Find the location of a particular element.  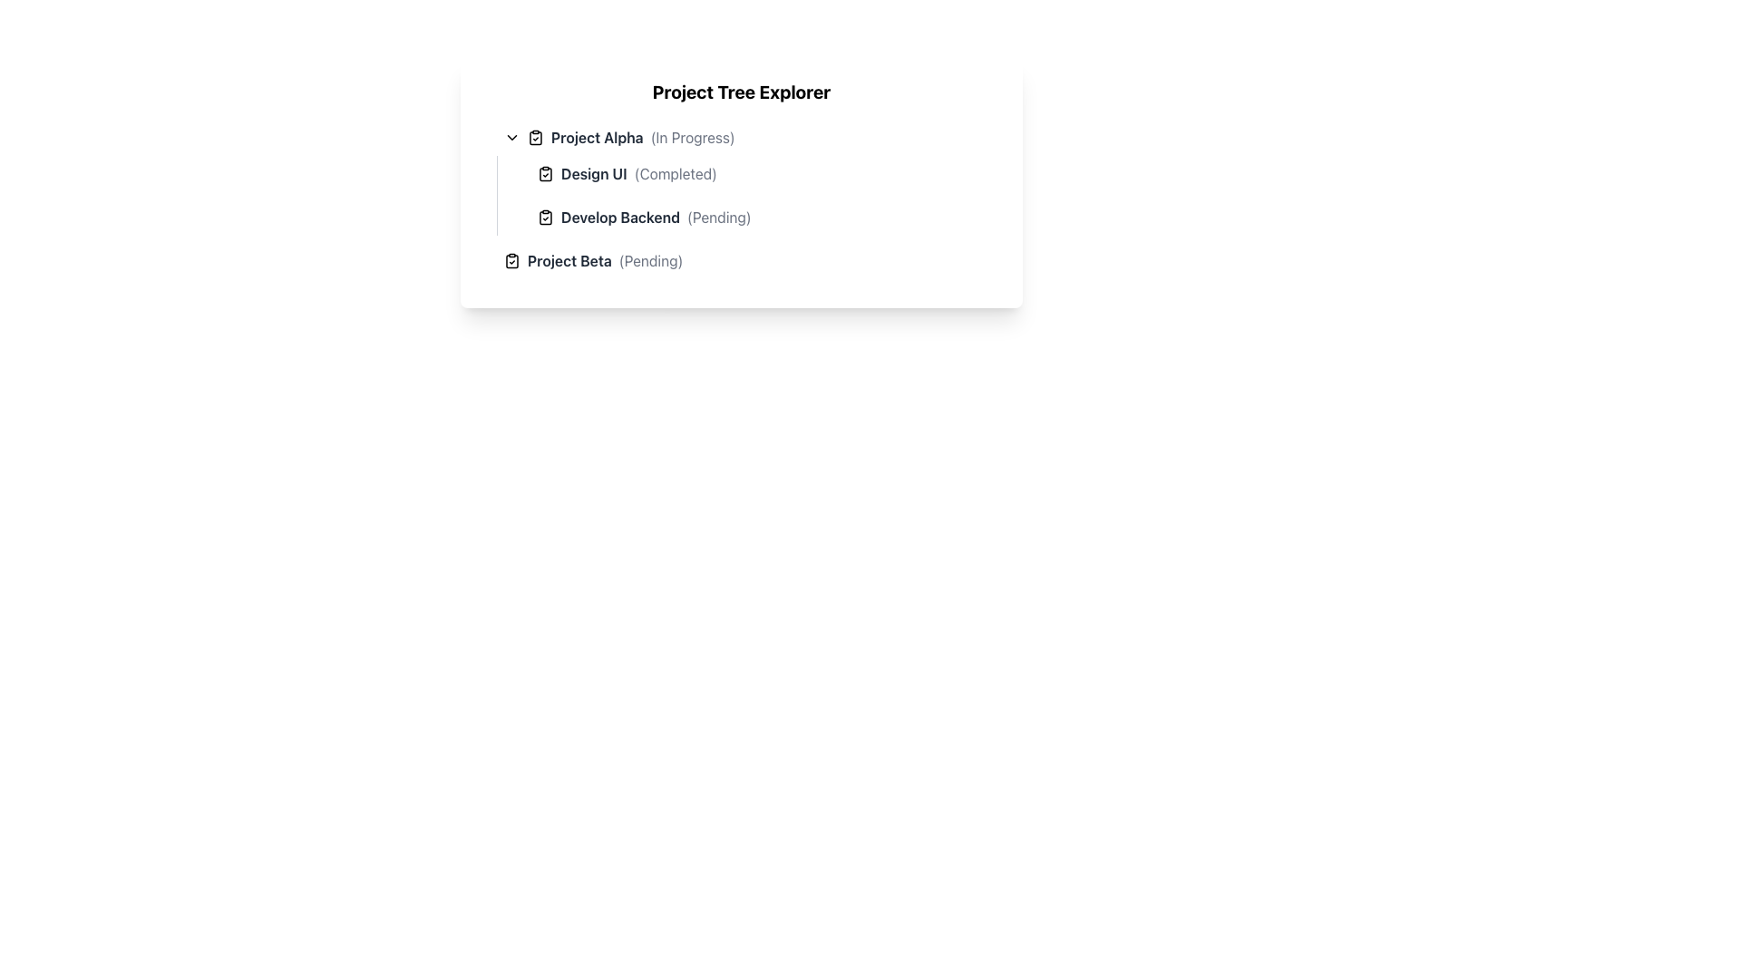

the bold, large black text label reading 'Project Tree Explorer', which is located at the top-center of the project hierarchy section is located at coordinates (741, 92).